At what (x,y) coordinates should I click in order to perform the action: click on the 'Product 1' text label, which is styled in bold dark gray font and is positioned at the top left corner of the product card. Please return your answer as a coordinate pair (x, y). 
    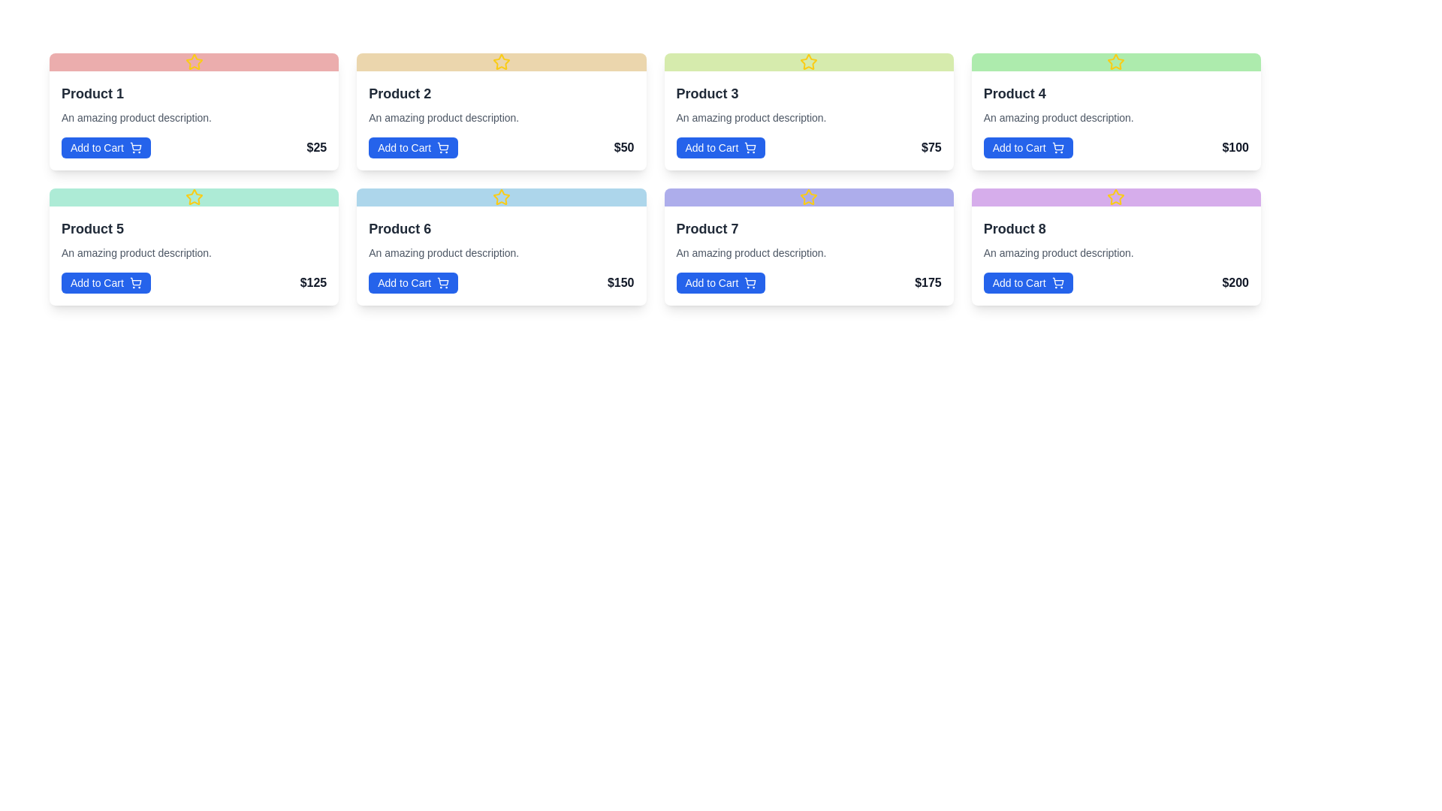
    Looking at the image, I should click on (92, 93).